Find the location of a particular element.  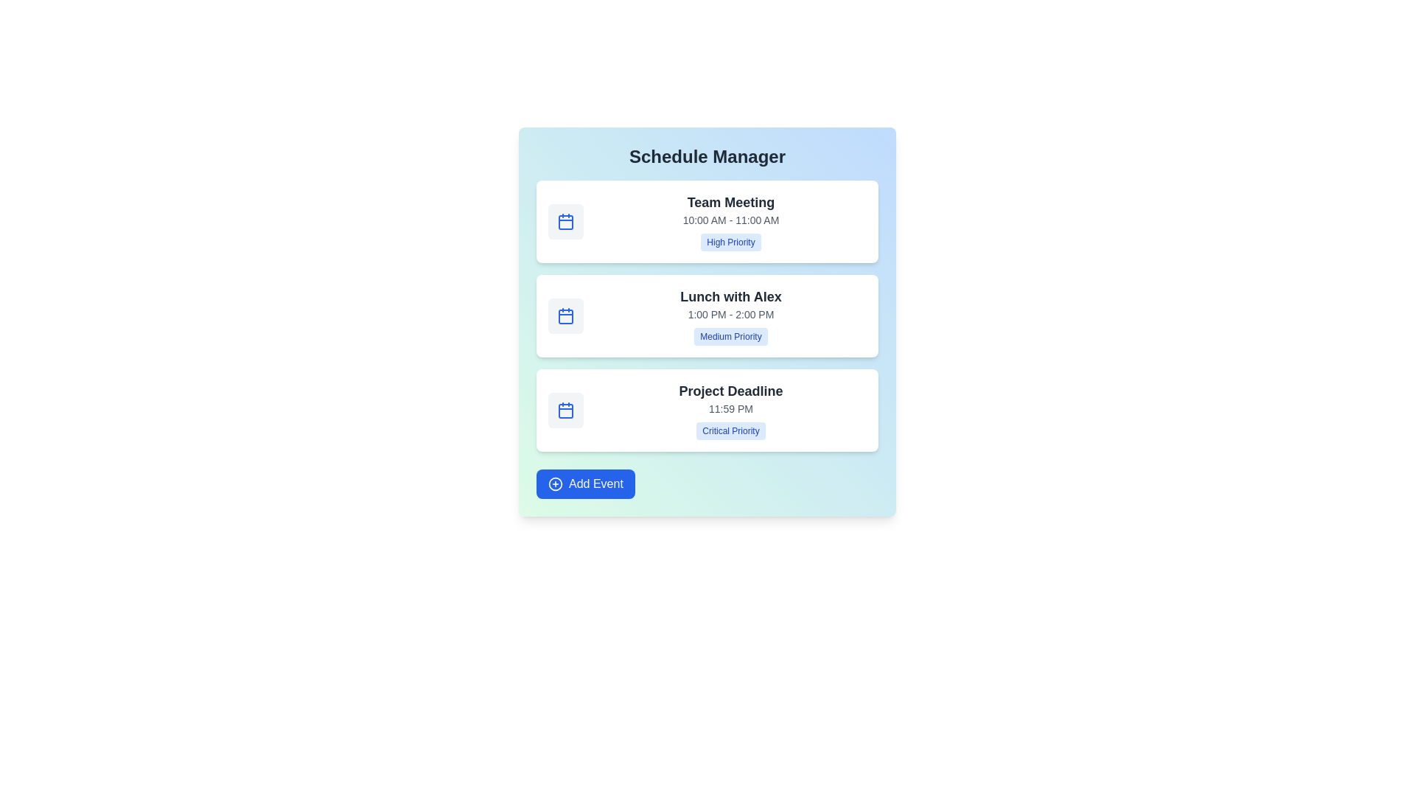

'Add Event' button to create a new event is located at coordinates (584, 483).